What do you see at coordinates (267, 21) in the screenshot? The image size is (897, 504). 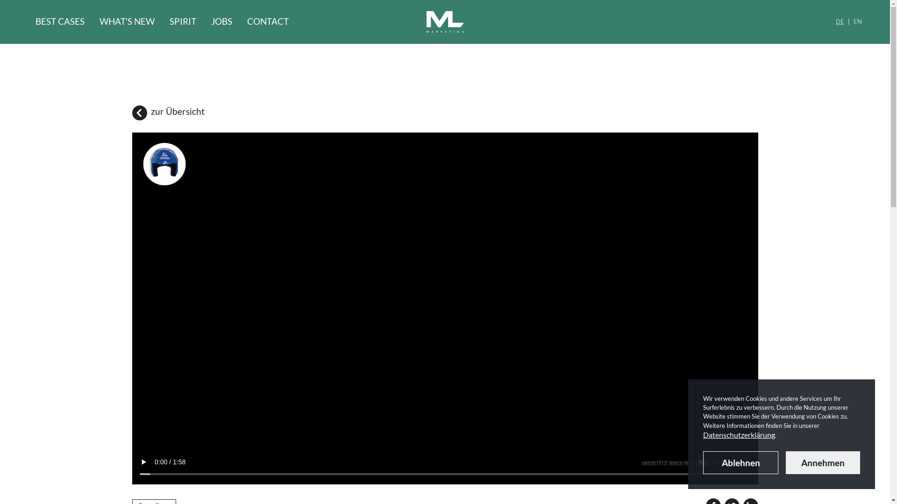 I see `'CONTACT'` at bounding box center [267, 21].